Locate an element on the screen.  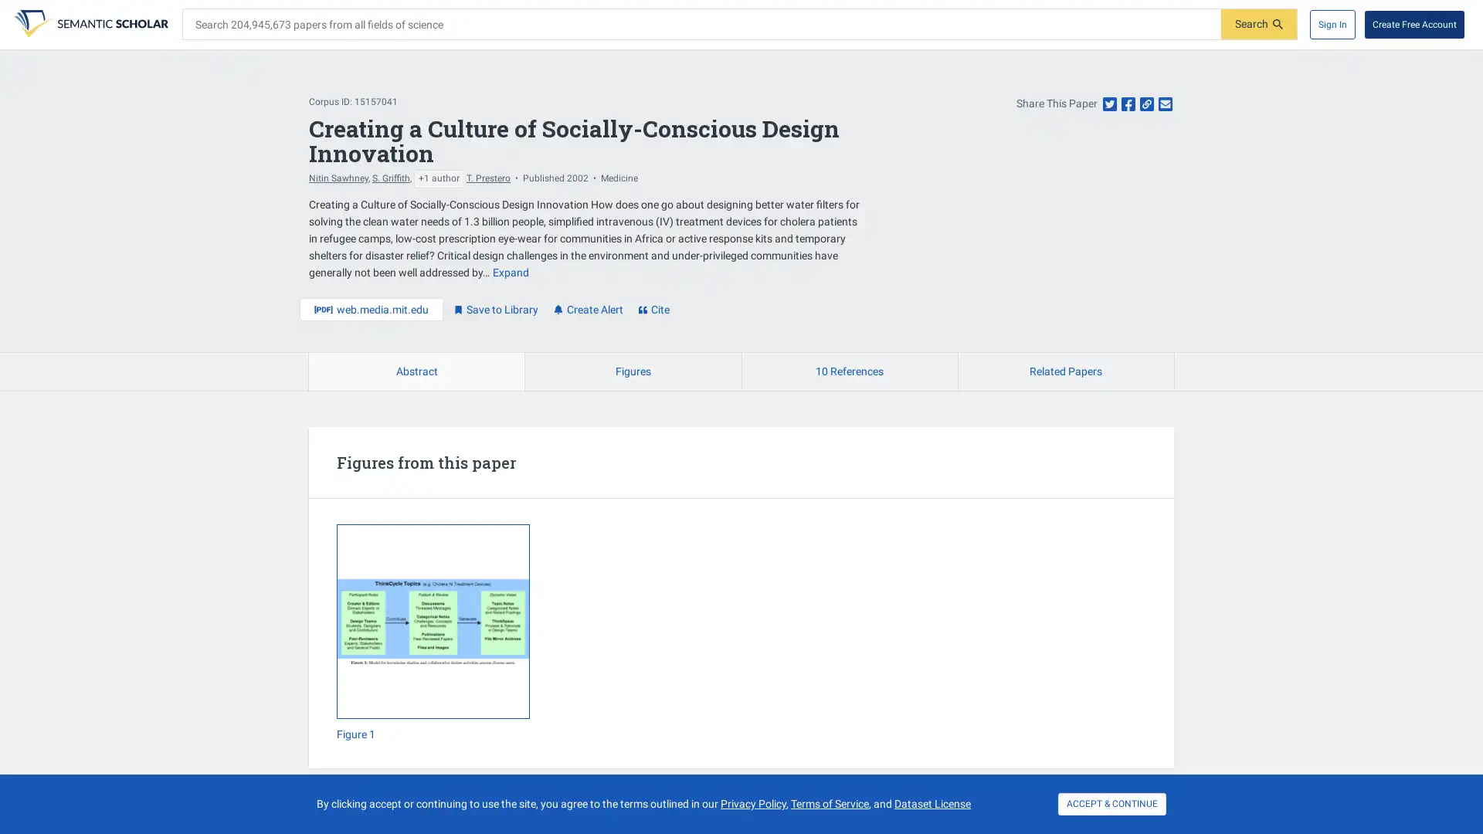
Create Alert is located at coordinates (588, 310).